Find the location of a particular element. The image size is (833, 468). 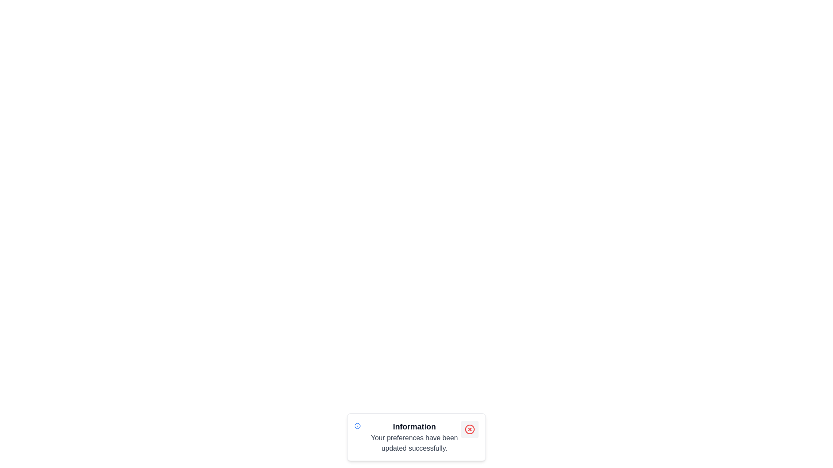

close button to dismiss the notification is located at coordinates (469, 429).